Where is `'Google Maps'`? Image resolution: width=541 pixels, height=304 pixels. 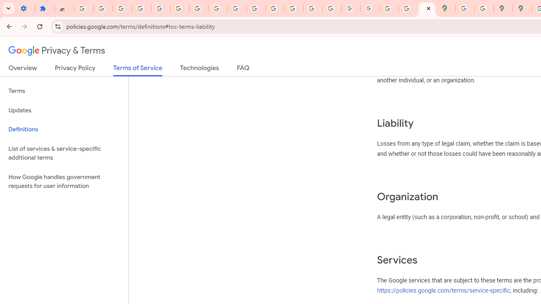 'Google Maps' is located at coordinates (445, 8).